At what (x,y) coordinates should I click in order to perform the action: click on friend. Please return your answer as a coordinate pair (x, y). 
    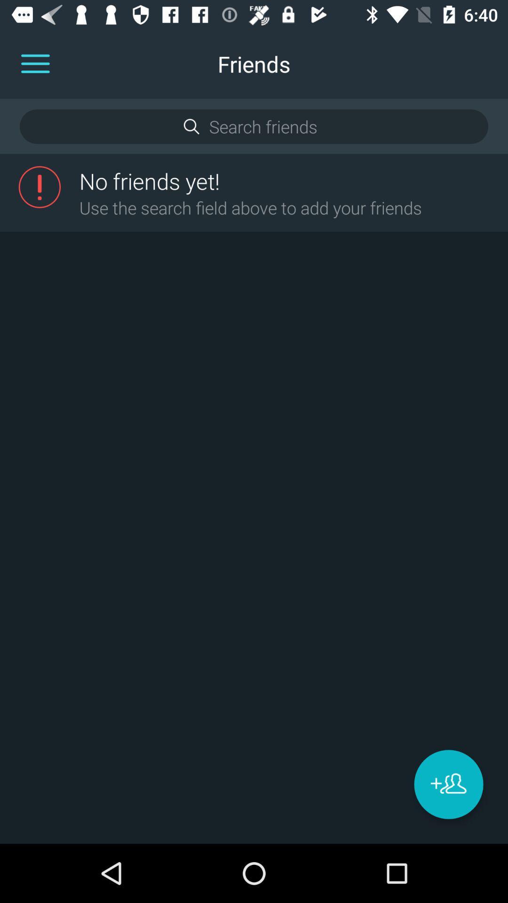
    Looking at the image, I should click on (448, 784).